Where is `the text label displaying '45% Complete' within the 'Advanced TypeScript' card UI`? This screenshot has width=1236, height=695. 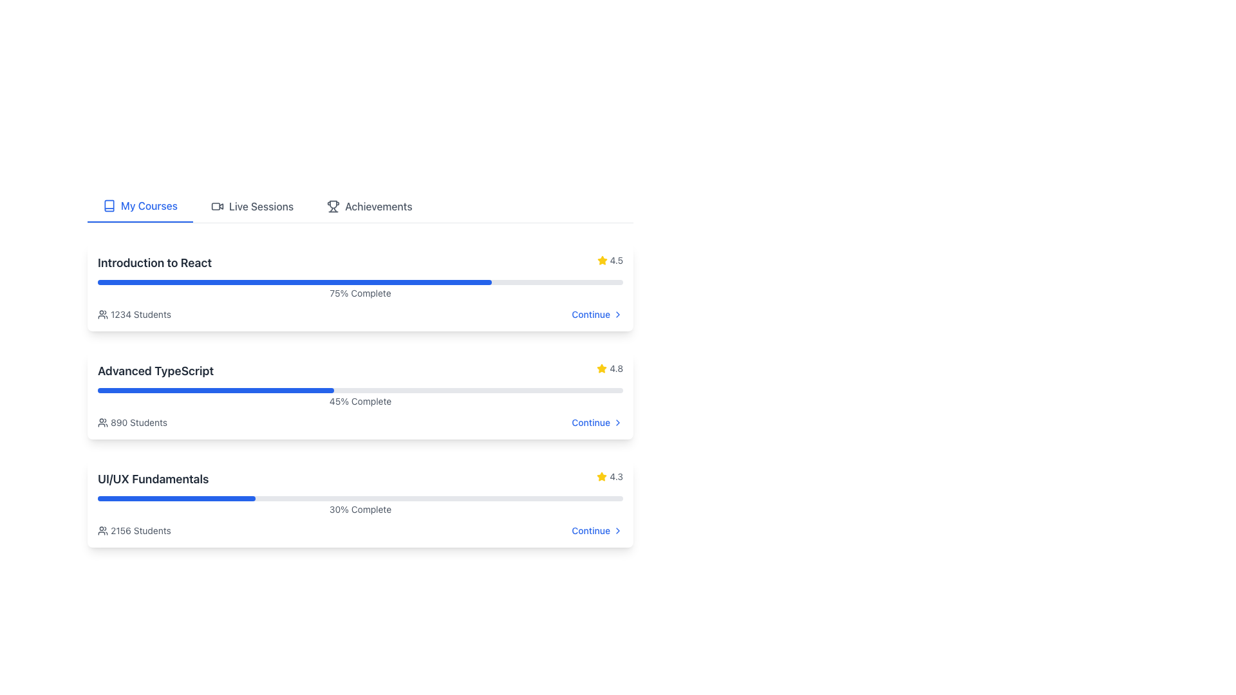 the text label displaying '45% Complete' within the 'Advanced TypeScript' card UI is located at coordinates (360, 397).